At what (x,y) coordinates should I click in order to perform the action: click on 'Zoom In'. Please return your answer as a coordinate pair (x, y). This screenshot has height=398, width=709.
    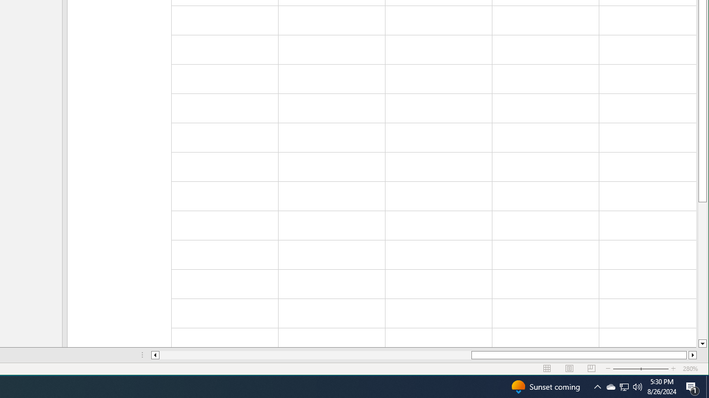
    Looking at the image, I should click on (692, 355).